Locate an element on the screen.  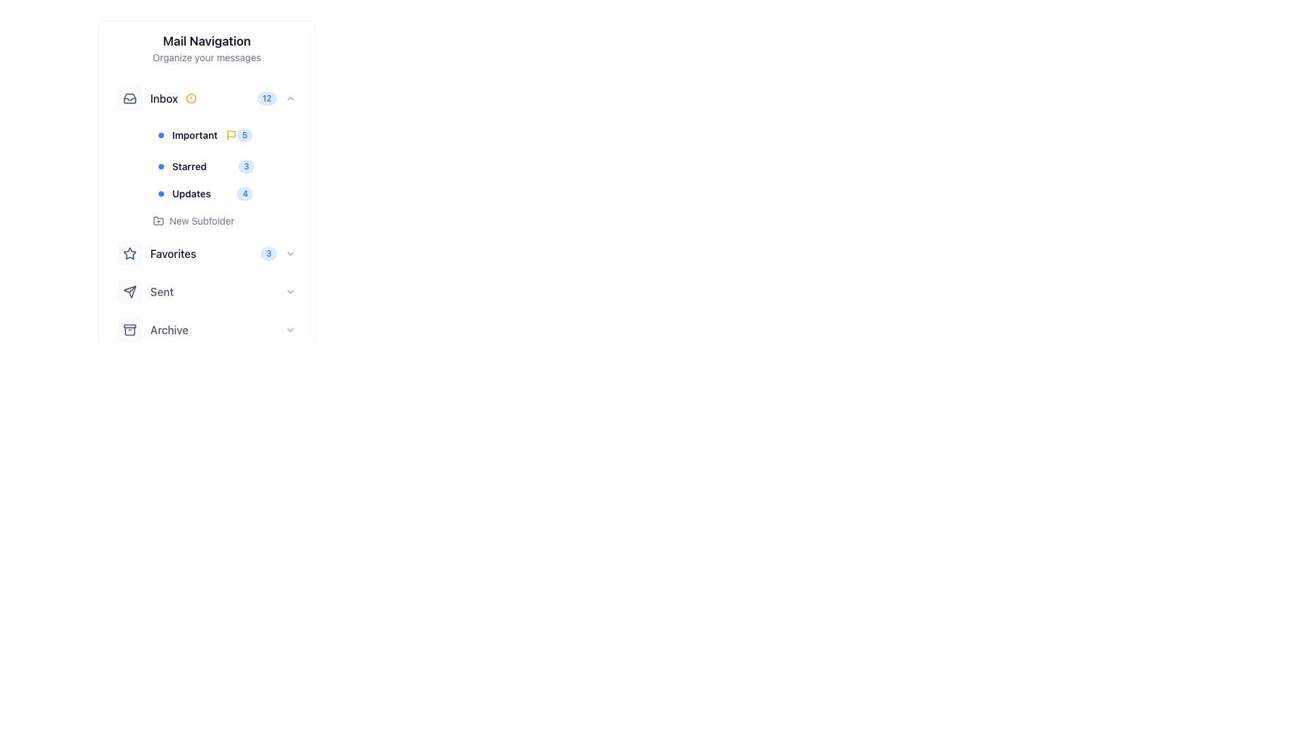
bold text label displaying the word 'Important' located in the 'Inbox' section of the mail navigation sidebar, positioned between a small blue circular icon and a yellow flag icon is located at coordinates (194, 135).